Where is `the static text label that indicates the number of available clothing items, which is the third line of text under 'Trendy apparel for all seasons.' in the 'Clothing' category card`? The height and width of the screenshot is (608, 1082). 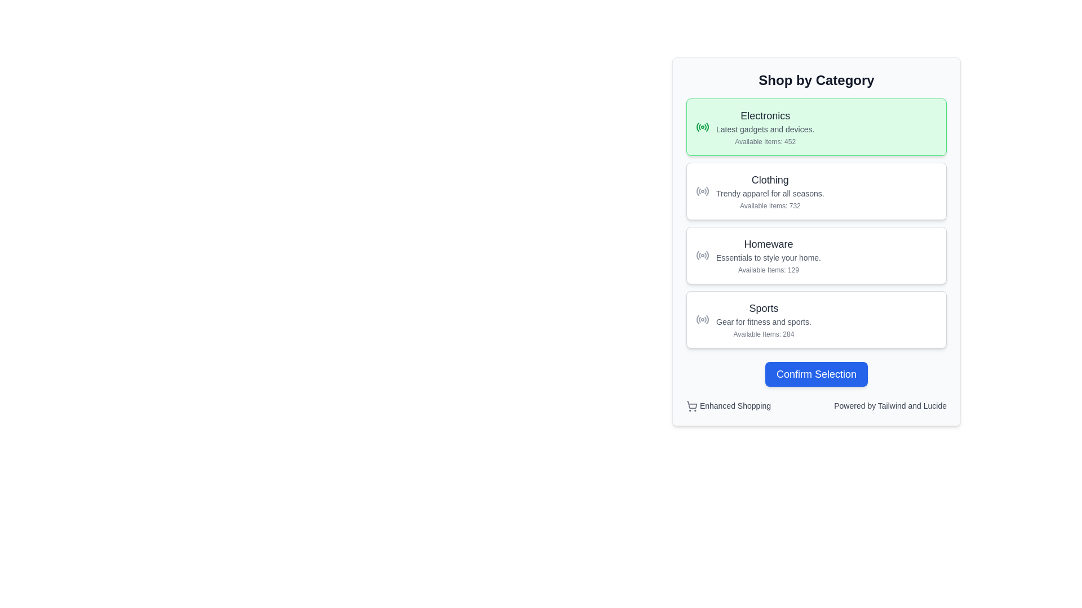 the static text label that indicates the number of available clothing items, which is the third line of text under 'Trendy apparel for all seasons.' in the 'Clothing' category card is located at coordinates (769, 206).